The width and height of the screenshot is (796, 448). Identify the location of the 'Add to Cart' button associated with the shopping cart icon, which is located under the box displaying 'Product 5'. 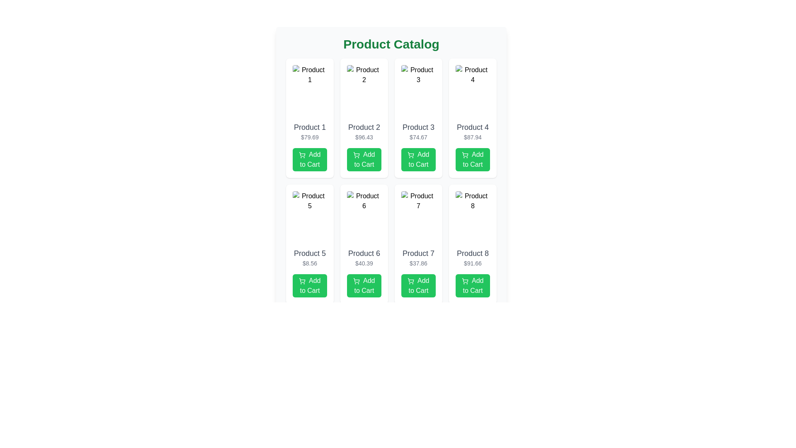
(302, 280).